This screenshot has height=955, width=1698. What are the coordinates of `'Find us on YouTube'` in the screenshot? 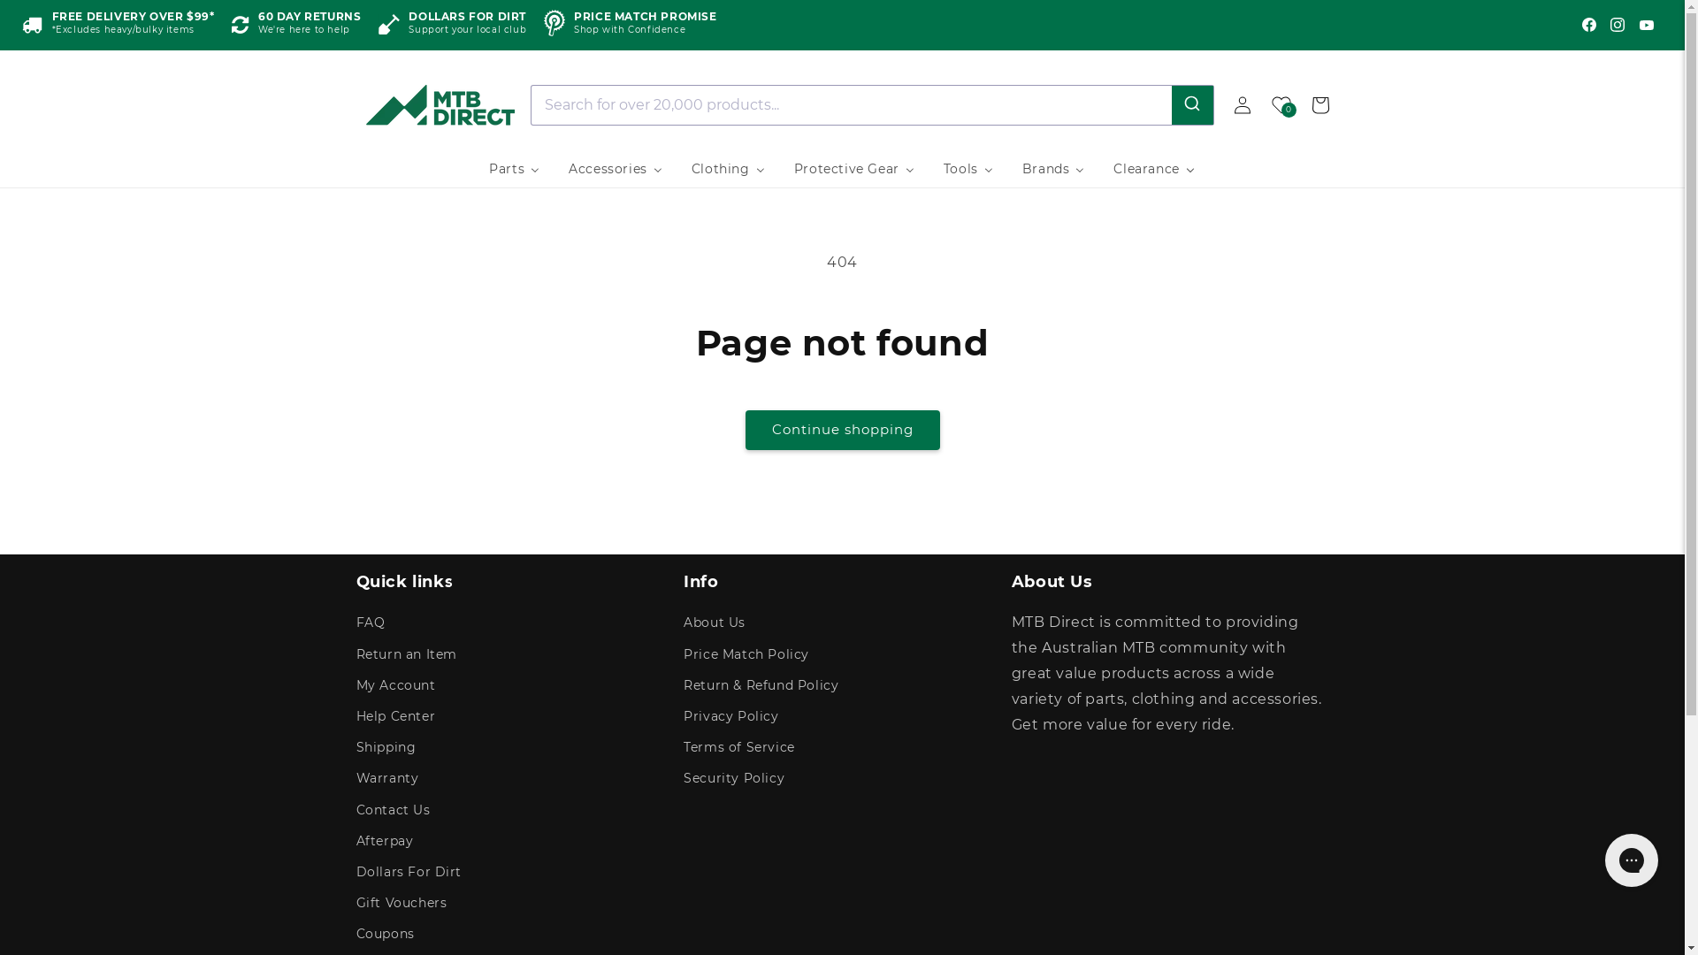 It's located at (1646, 24).